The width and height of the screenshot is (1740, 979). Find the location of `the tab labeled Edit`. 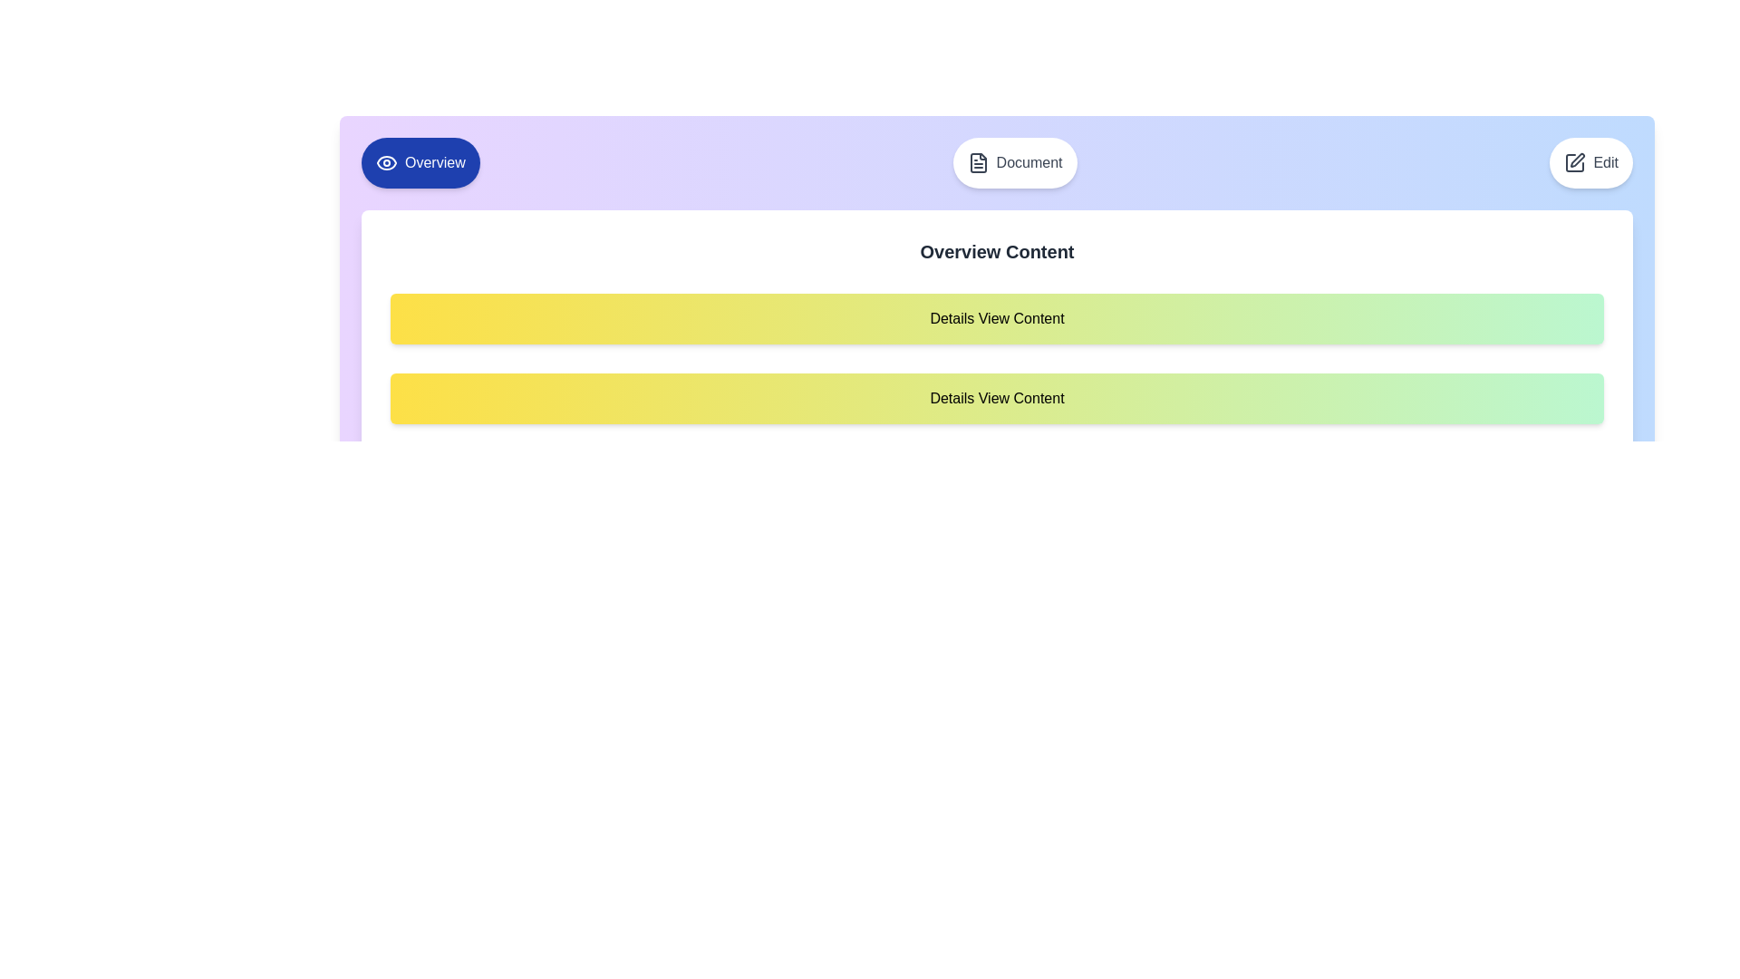

the tab labeled Edit is located at coordinates (1590, 163).